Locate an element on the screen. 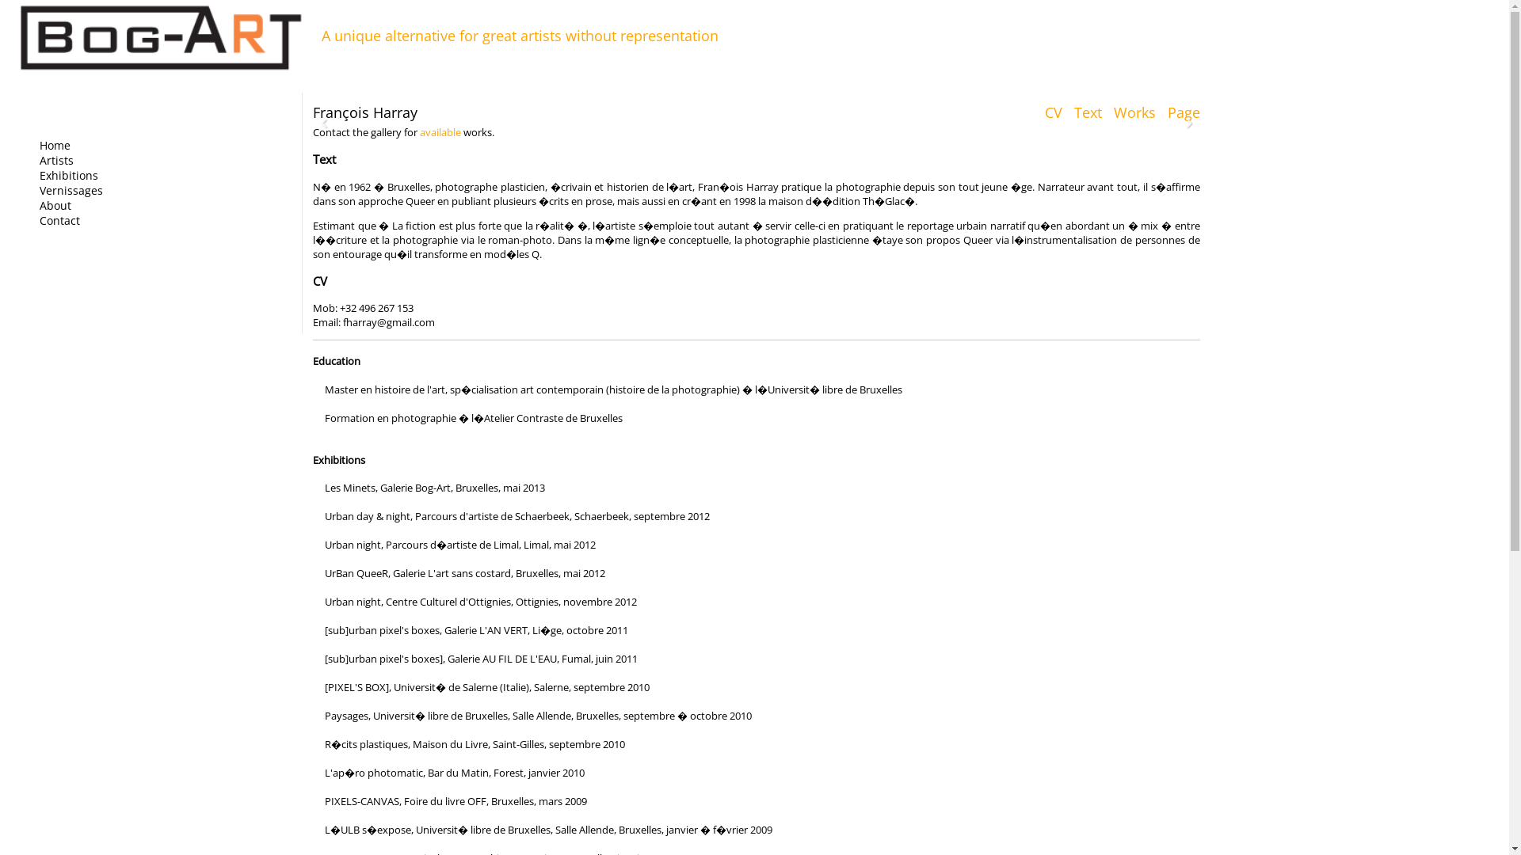 The width and height of the screenshot is (1521, 855). '  CV' is located at coordinates (1036, 112).